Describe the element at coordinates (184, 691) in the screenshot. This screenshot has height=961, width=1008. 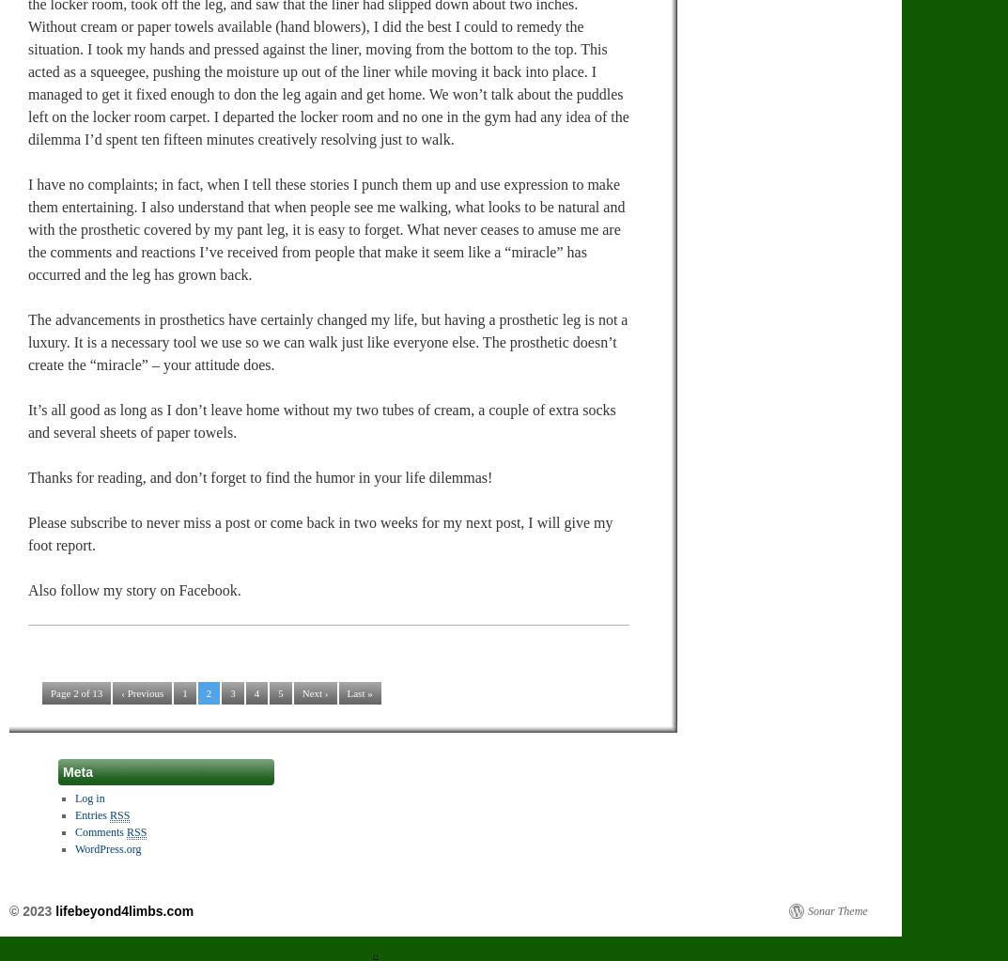
I see `'1'` at that location.